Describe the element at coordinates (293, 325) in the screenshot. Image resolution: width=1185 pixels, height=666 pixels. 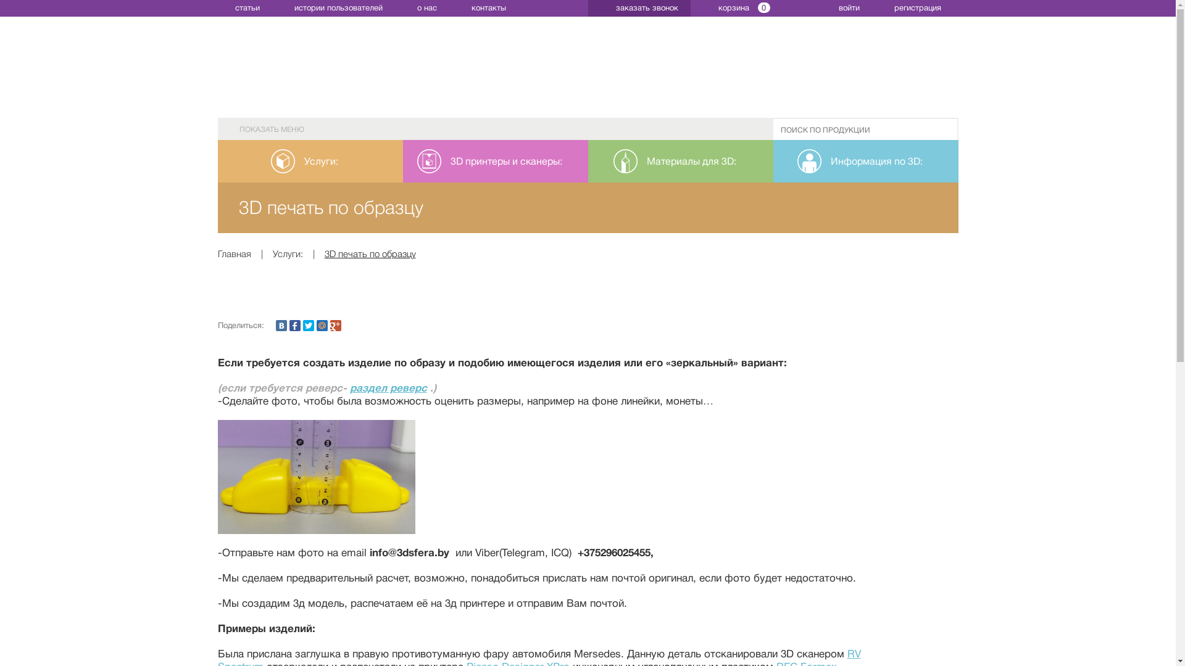
I see `'Facebook'` at that location.